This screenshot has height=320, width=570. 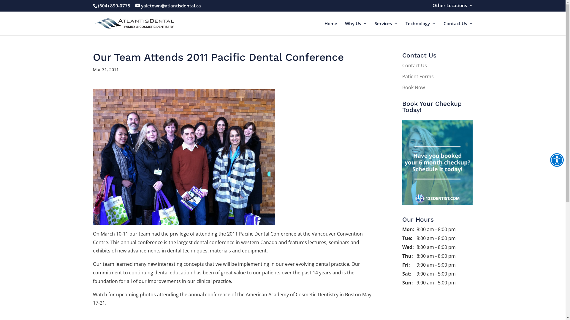 What do you see at coordinates (452, 7) in the screenshot?
I see `'Other Locations'` at bounding box center [452, 7].